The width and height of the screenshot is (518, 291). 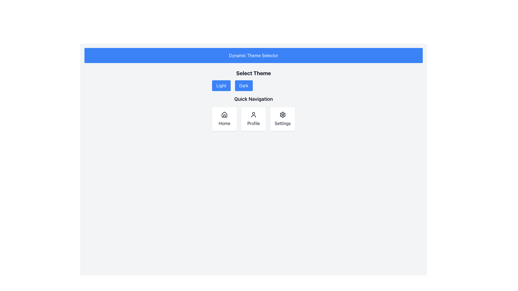 What do you see at coordinates (224, 123) in the screenshot?
I see `text label displaying 'Home' located centrally within the first navigation card under the 'Quick Navigation' section, positioned below the house icon` at bounding box center [224, 123].